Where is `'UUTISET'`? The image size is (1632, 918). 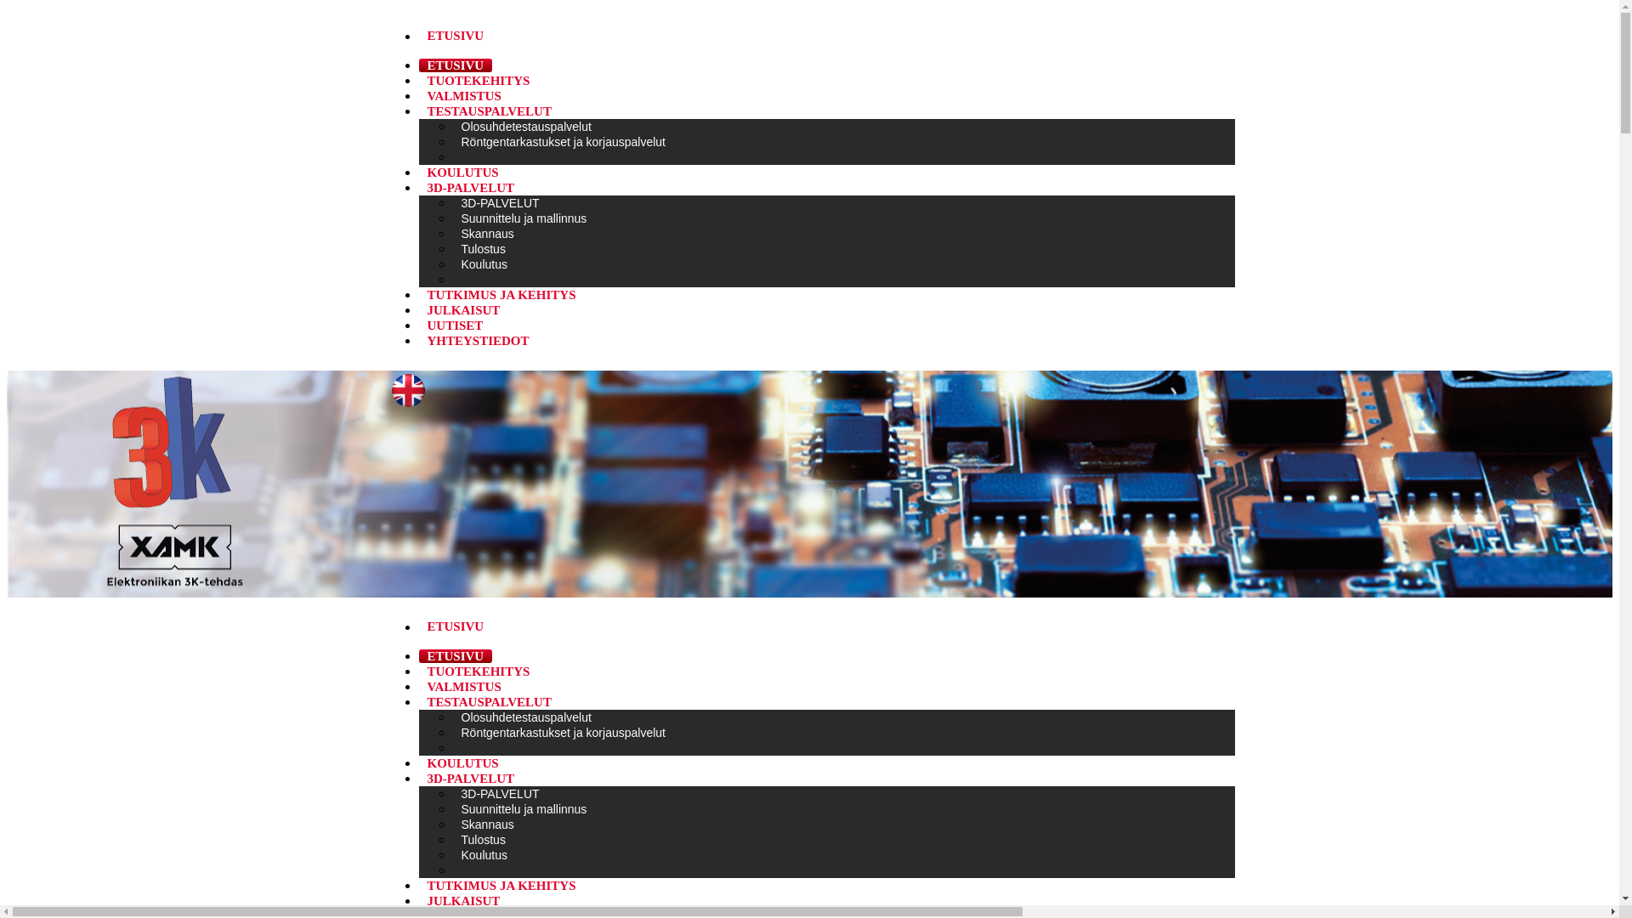
'UUTISET' is located at coordinates (454, 325).